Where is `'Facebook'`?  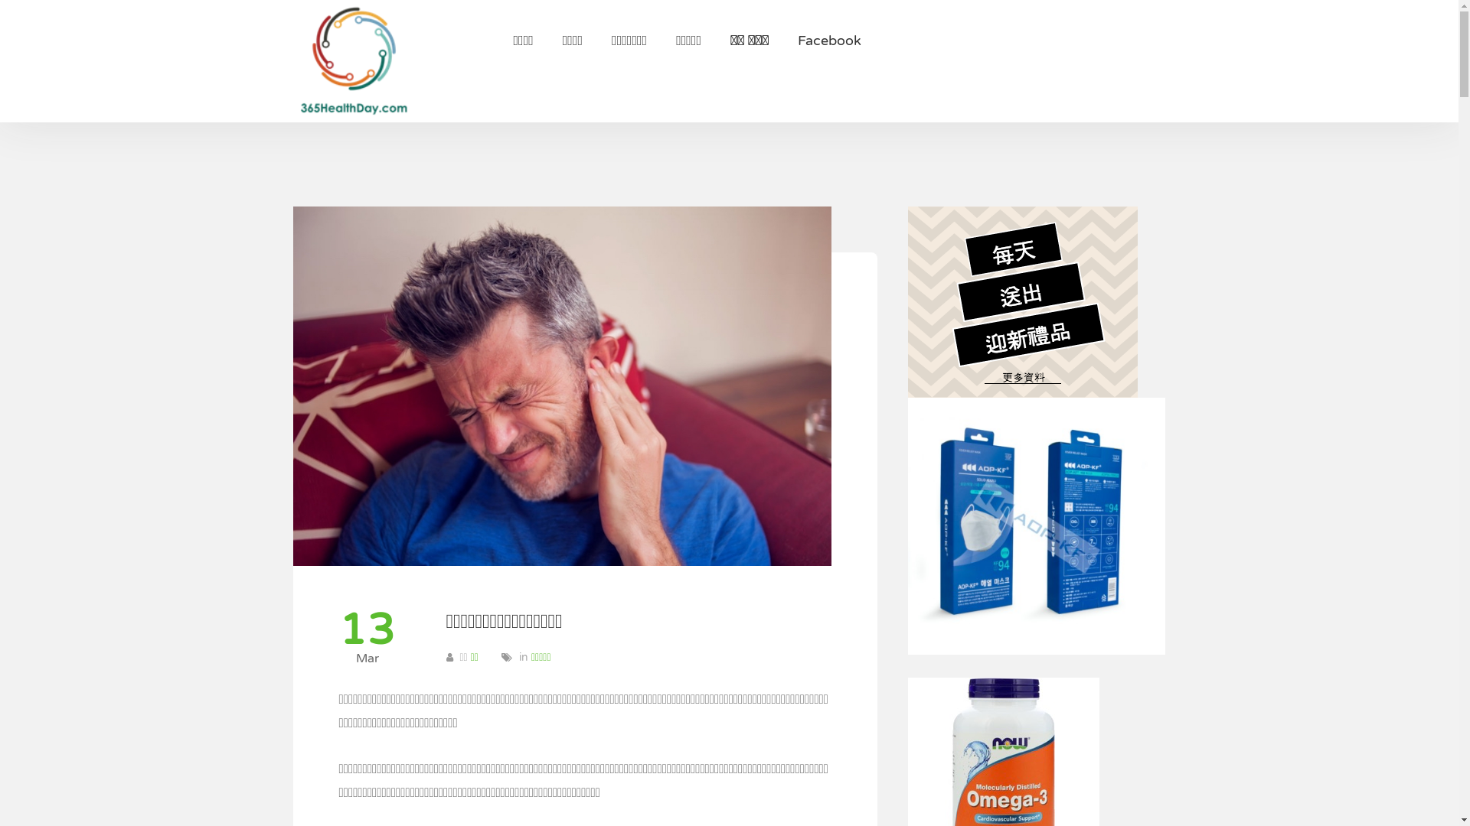
'Facebook' is located at coordinates (828, 40).